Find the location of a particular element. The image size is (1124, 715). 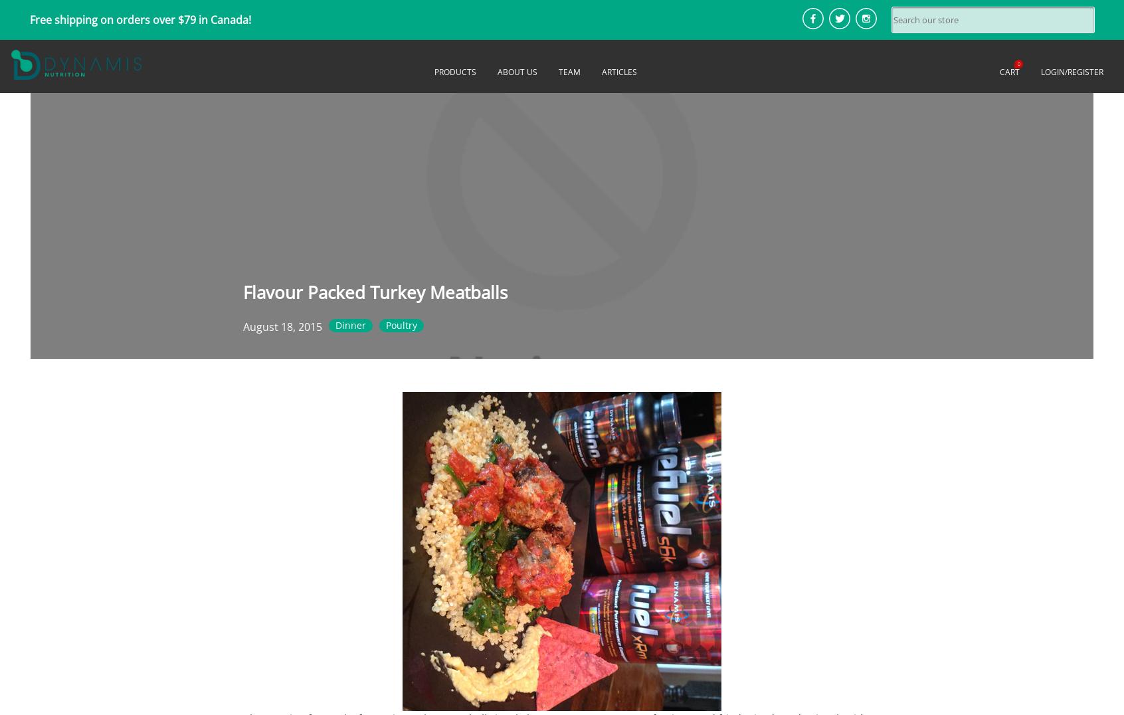

'Products' is located at coordinates (455, 71).